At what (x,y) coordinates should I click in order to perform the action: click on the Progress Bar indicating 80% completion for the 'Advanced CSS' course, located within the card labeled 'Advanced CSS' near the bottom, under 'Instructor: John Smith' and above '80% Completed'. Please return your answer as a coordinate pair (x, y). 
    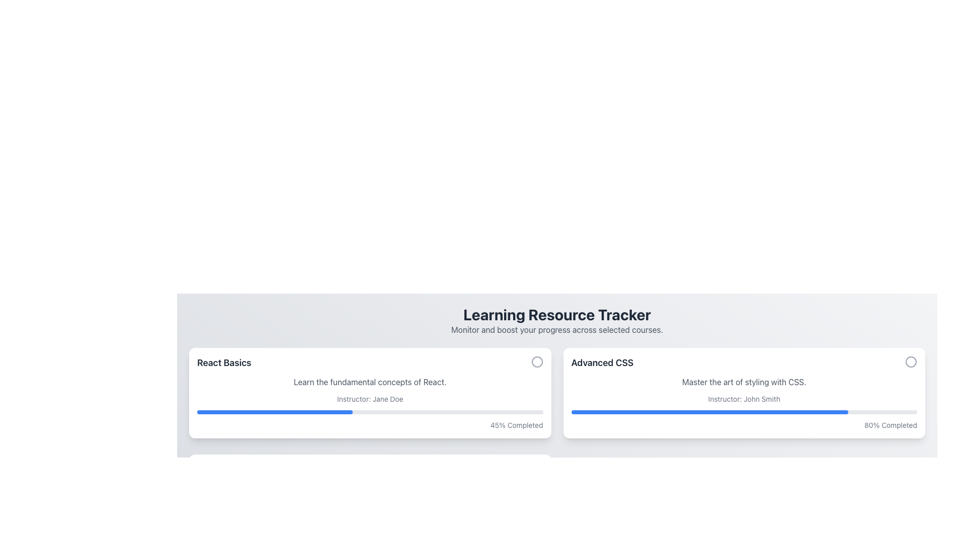
    Looking at the image, I should click on (744, 412).